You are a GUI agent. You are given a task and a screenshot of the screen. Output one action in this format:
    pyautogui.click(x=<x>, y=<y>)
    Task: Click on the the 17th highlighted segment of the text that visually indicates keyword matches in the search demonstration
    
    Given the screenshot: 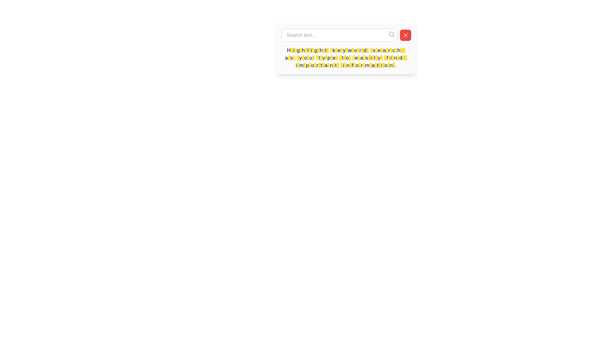 What is the action you would take?
    pyautogui.click(x=370, y=65)
    